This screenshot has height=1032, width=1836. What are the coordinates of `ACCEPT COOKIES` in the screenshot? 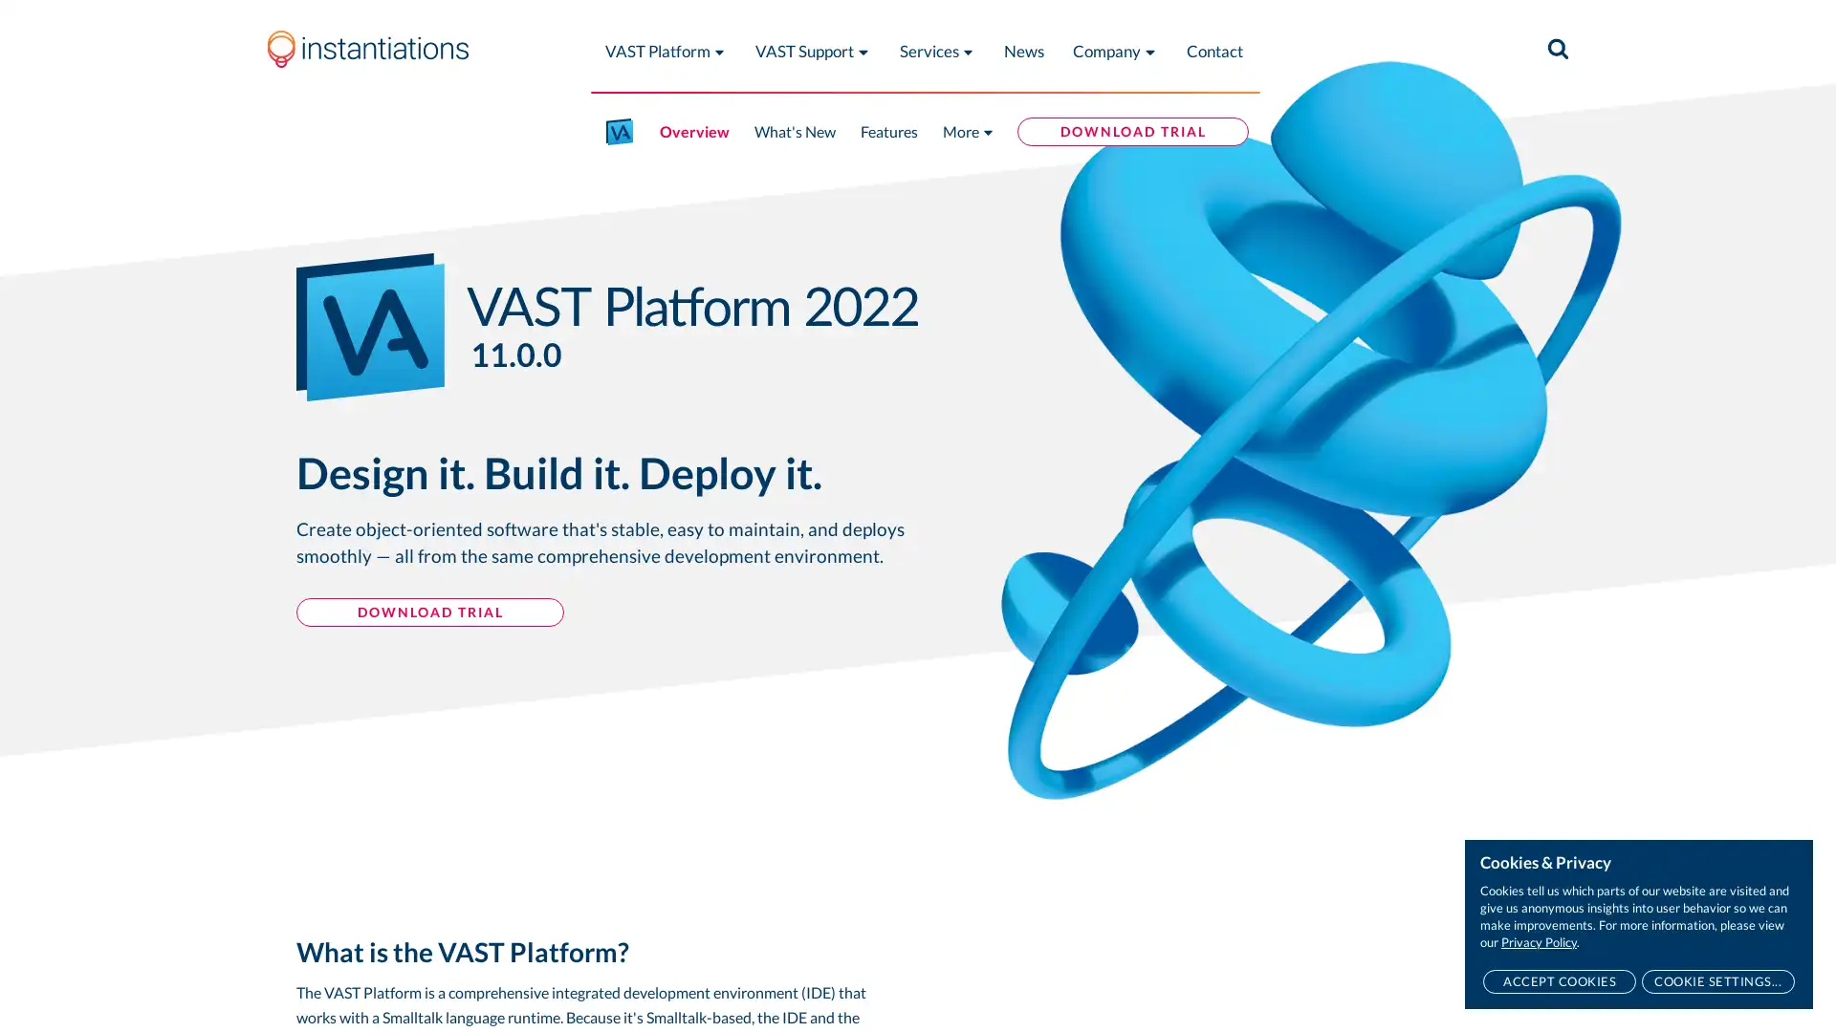 It's located at (1559, 981).